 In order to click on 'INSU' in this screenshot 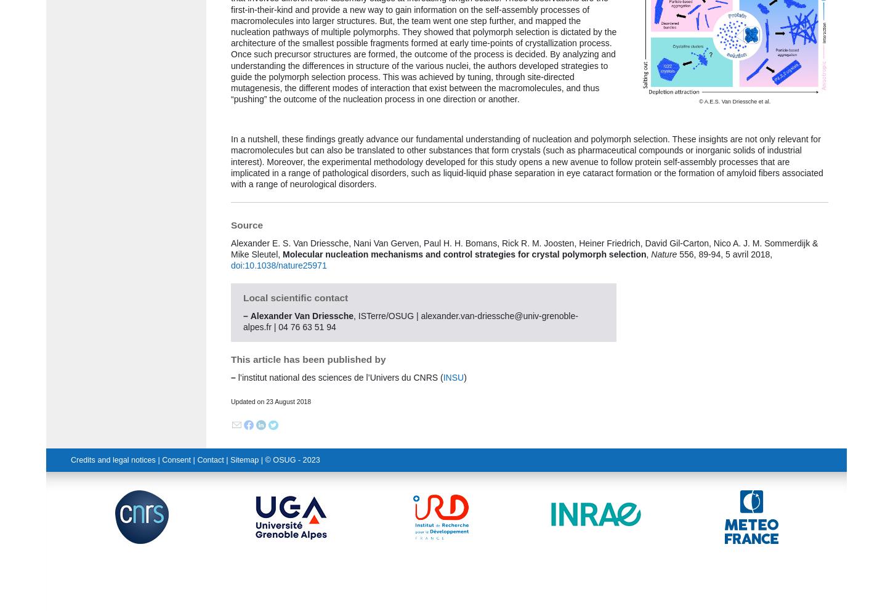, I will do `click(442, 376)`.